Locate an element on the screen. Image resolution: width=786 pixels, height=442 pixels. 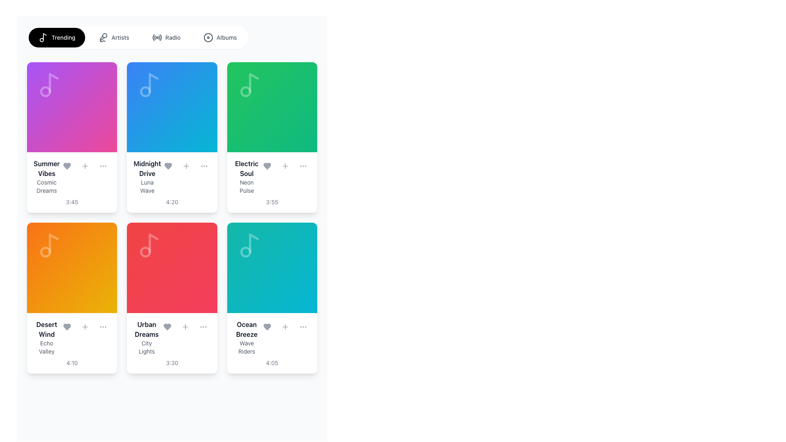
the music track listing card located in the bottom left of the second row of the grid layout is located at coordinates (72, 343).